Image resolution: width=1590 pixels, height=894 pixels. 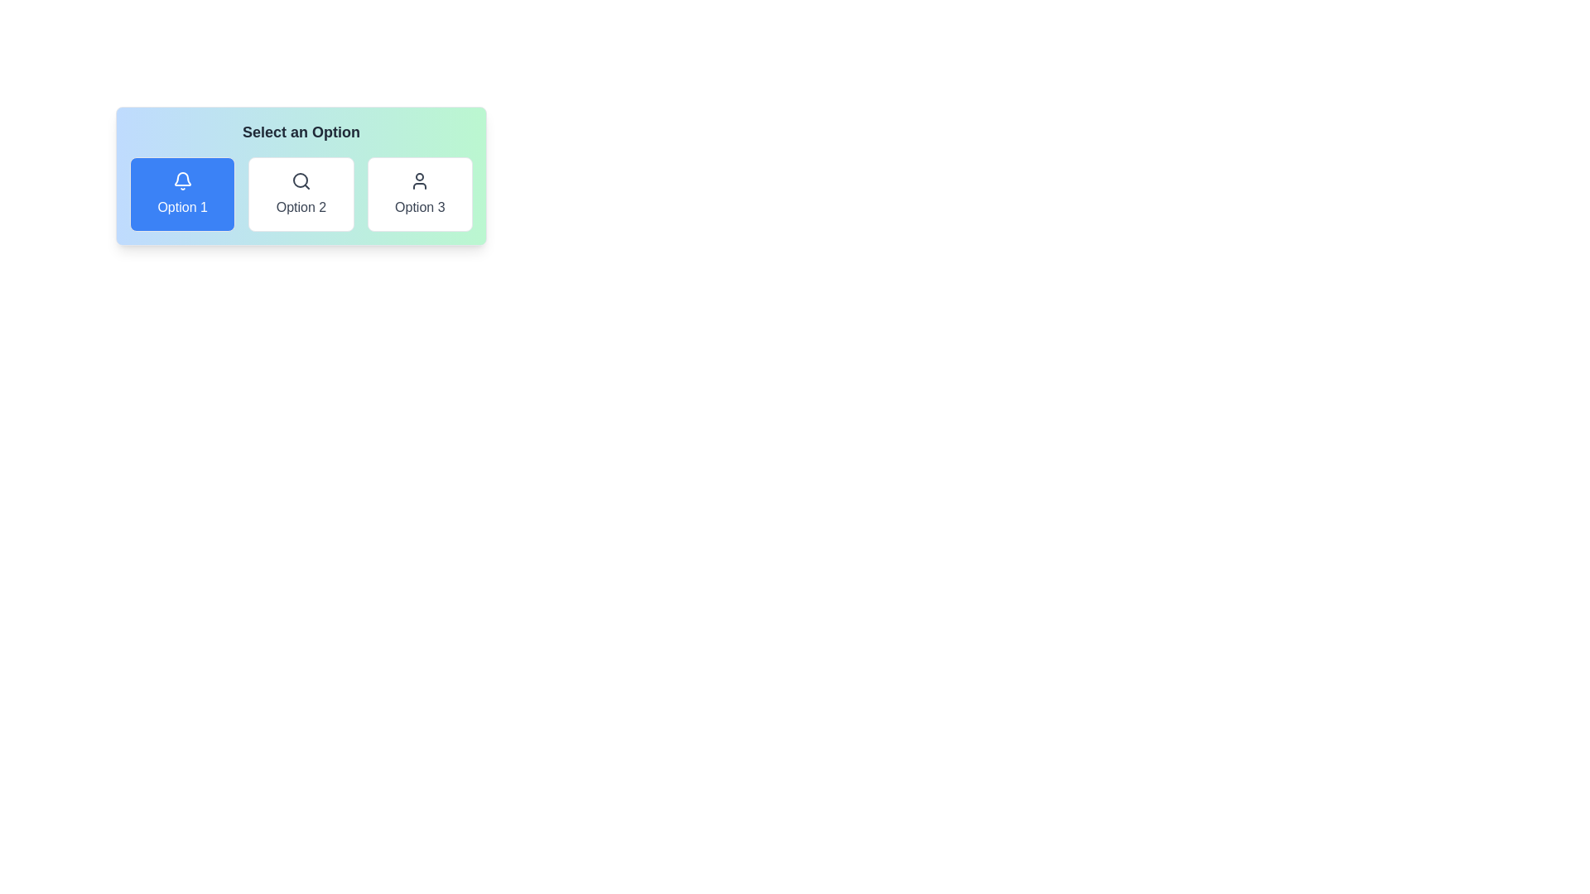 I want to click on the Text Label that serves as a title or instruction label, located in the header section above the options 'Option 1', 'Option 2', and 'Option 3', so click(x=301, y=131).